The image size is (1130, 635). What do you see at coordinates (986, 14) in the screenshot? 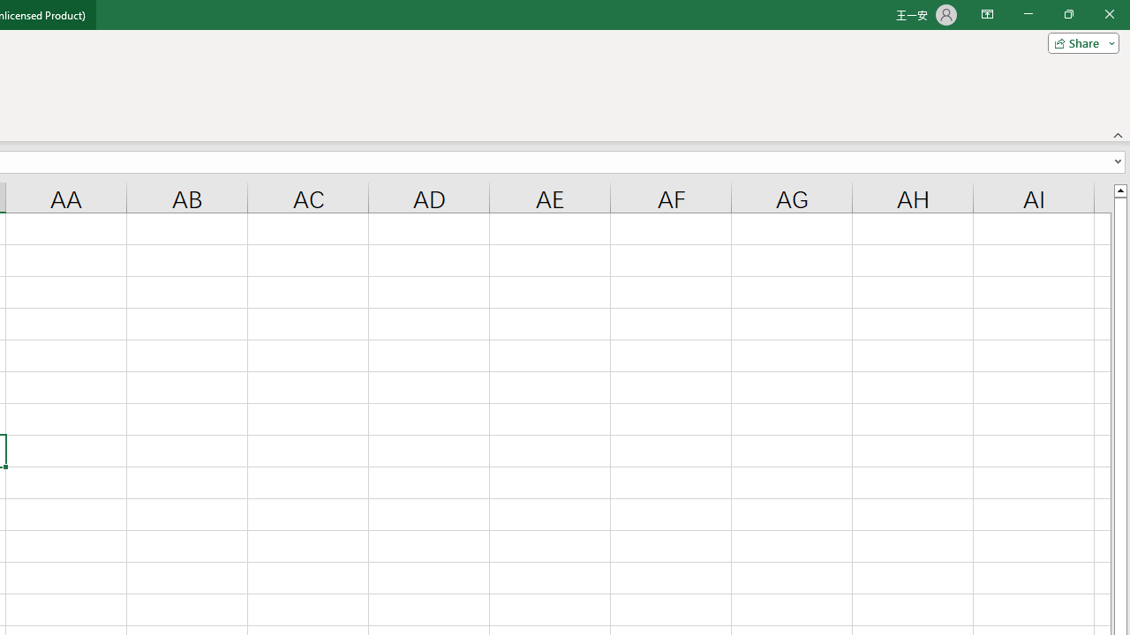
I see `'Ribbon Display Options'` at bounding box center [986, 14].